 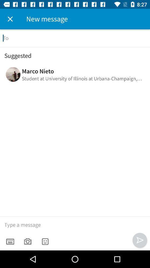 What do you see at coordinates (10, 19) in the screenshot?
I see `icon next to new message icon` at bounding box center [10, 19].